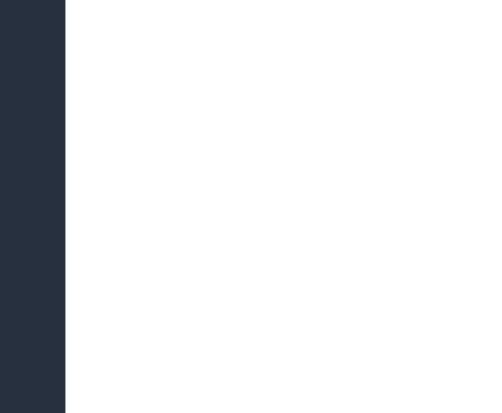  What do you see at coordinates (177, 346) in the screenshot?
I see `'Run-off against Putin would be 'success', say opposition'` at bounding box center [177, 346].